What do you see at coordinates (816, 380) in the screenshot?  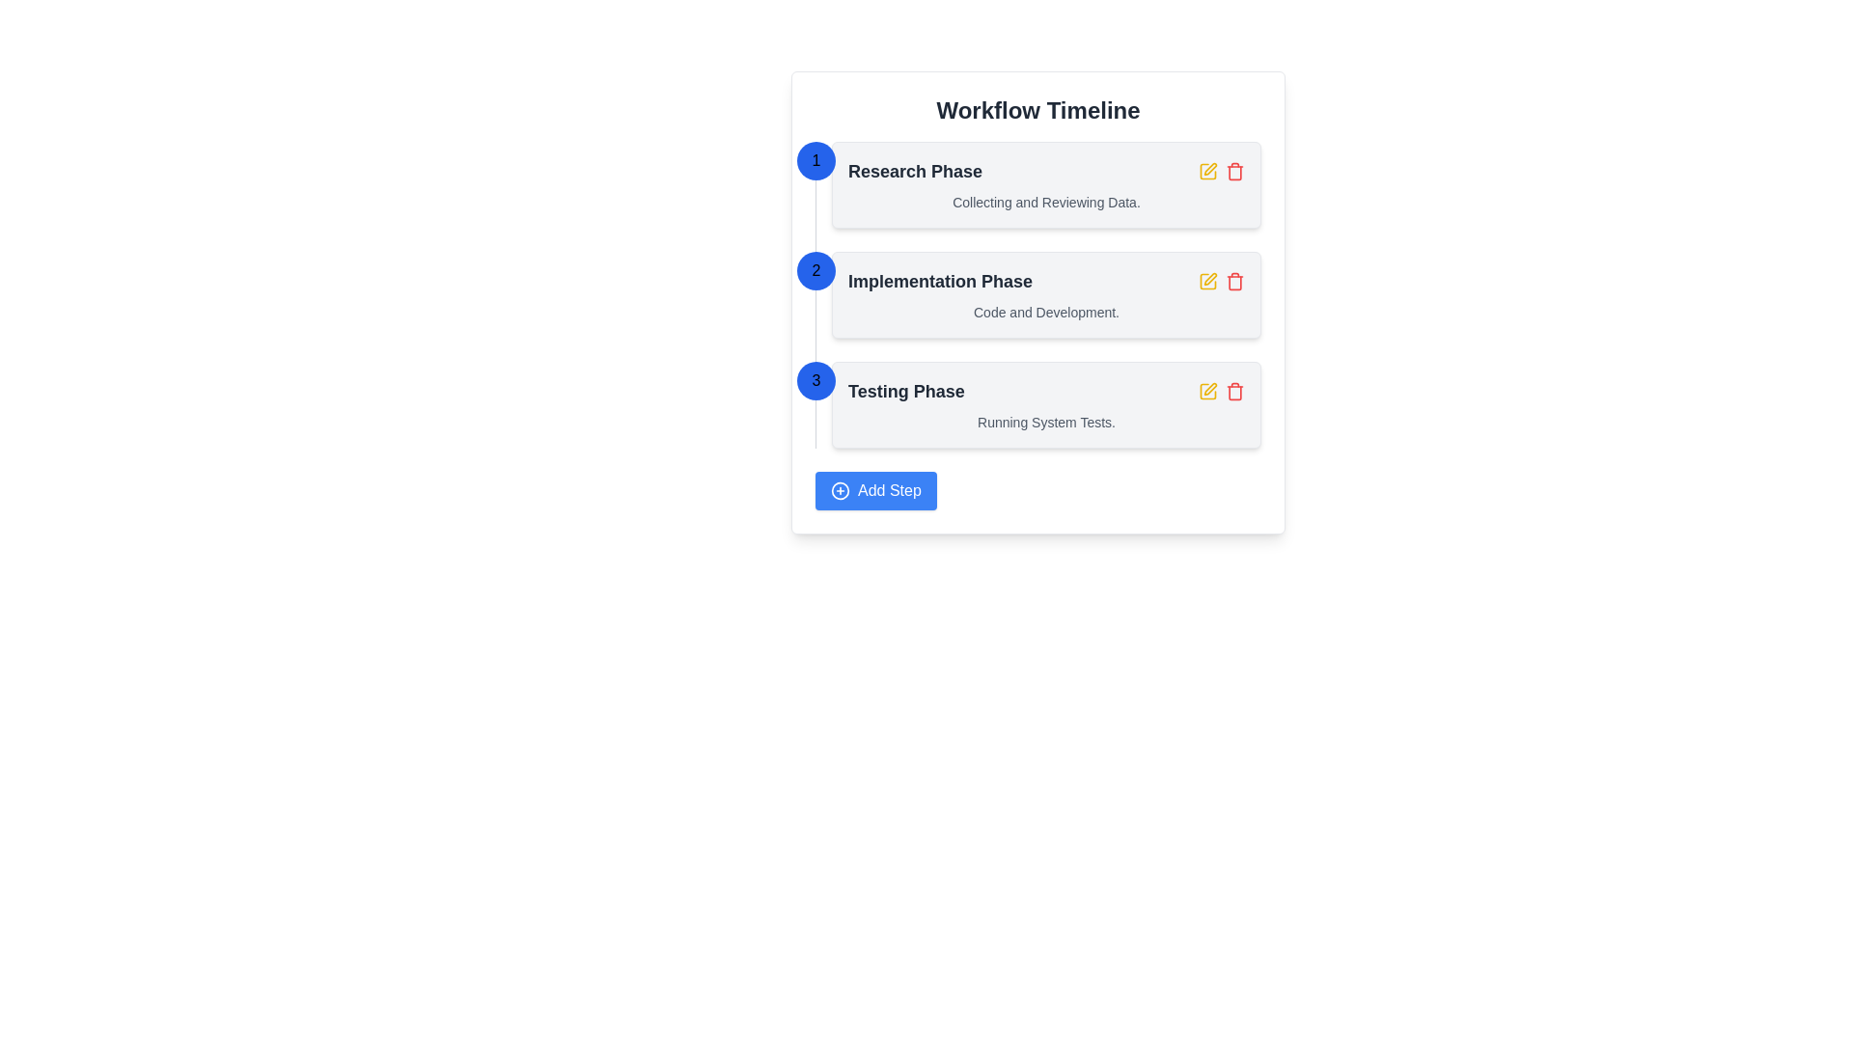 I see `the Step Indicator Icon for the 'Testing Phase'` at bounding box center [816, 380].